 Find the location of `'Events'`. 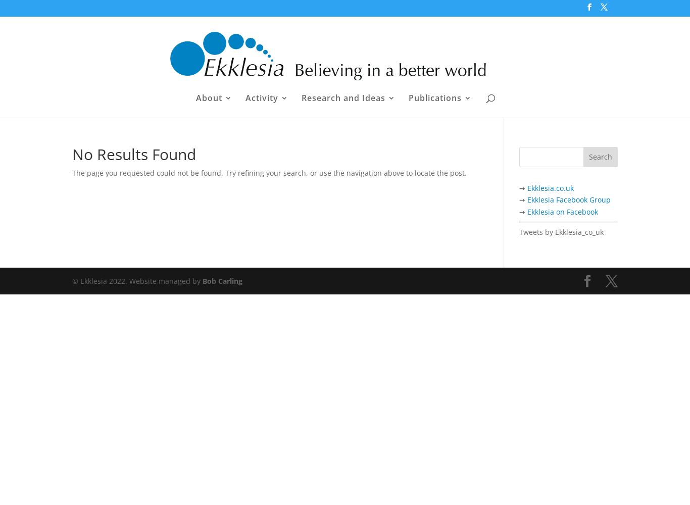

'Events' is located at coordinates (266, 139).